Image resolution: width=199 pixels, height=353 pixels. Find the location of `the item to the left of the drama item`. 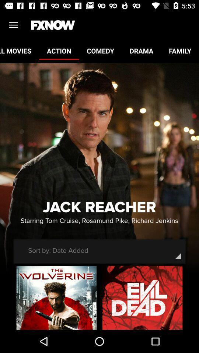

the item to the left of the drama item is located at coordinates (100, 50).